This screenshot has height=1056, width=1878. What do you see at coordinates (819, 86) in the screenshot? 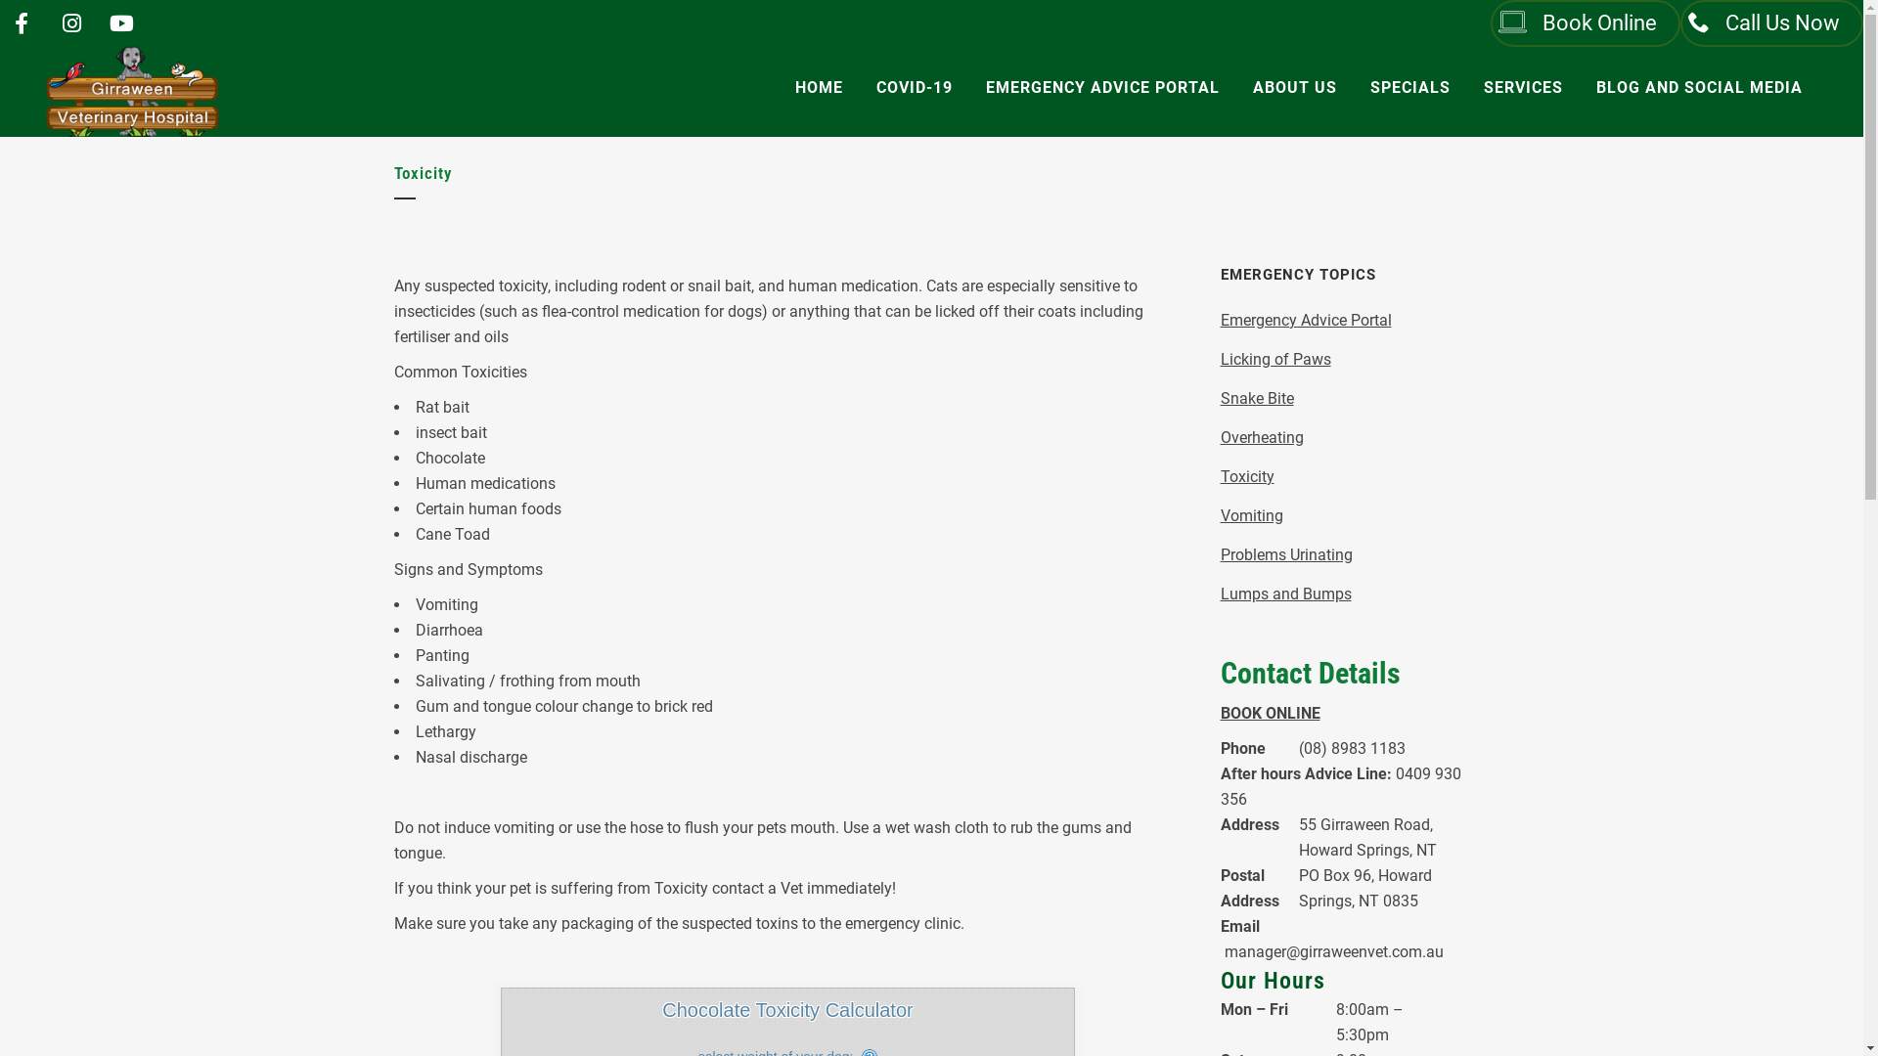
I see `'HOME'` at bounding box center [819, 86].